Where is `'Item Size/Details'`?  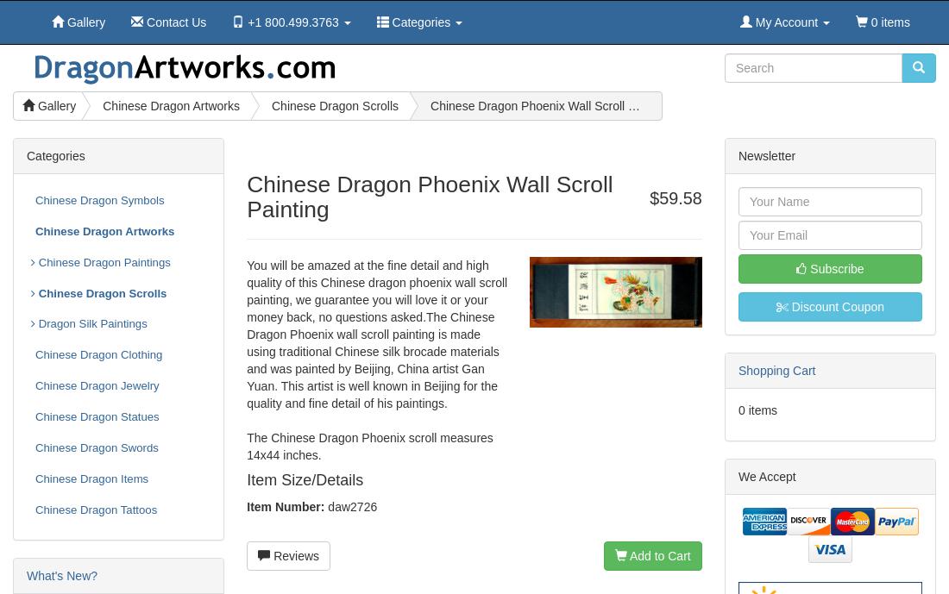 'Item Size/Details' is located at coordinates (246, 478).